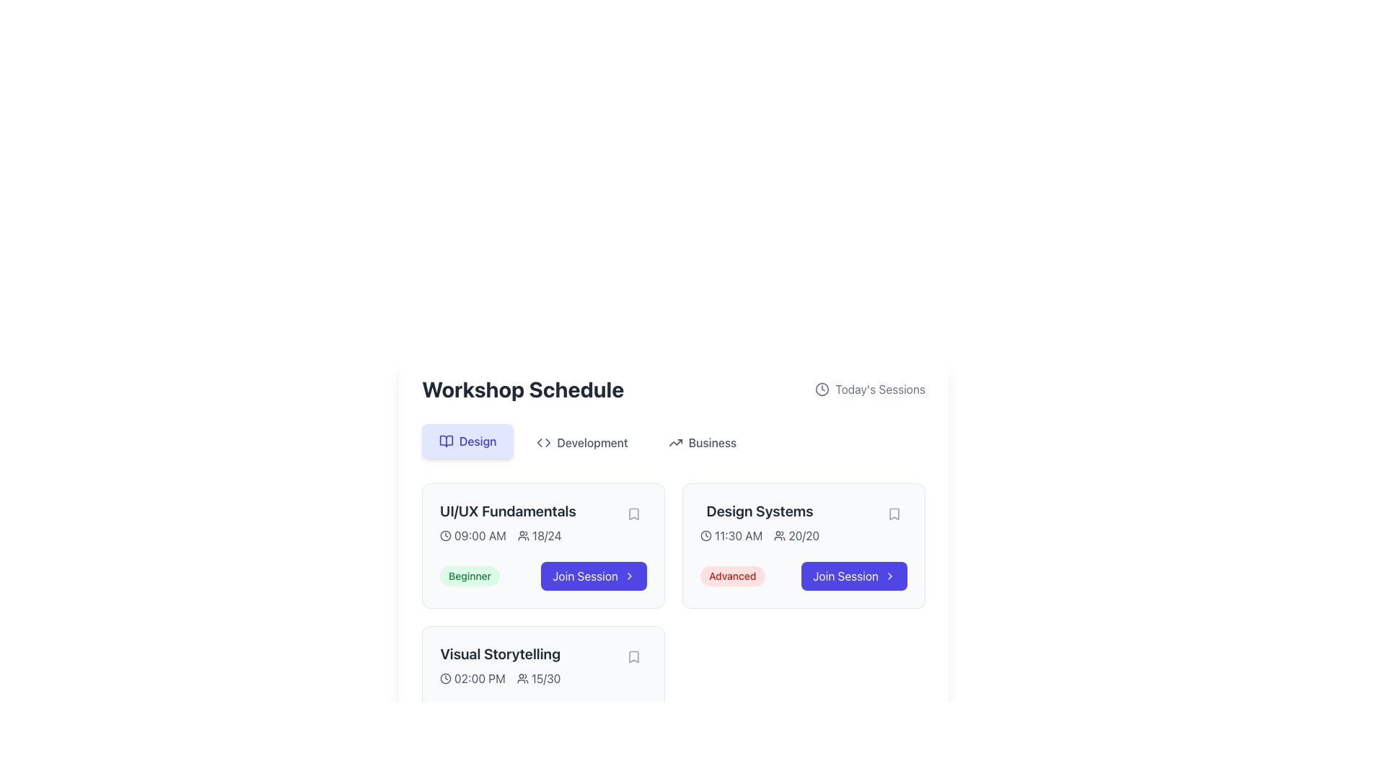 The image size is (1385, 779). Describe the element at coordinates (893, 514) in the screenshot. I see `the bookmark icon located in the top-right corner of the 'Design Systems' card to observe the visual effect` at that location.